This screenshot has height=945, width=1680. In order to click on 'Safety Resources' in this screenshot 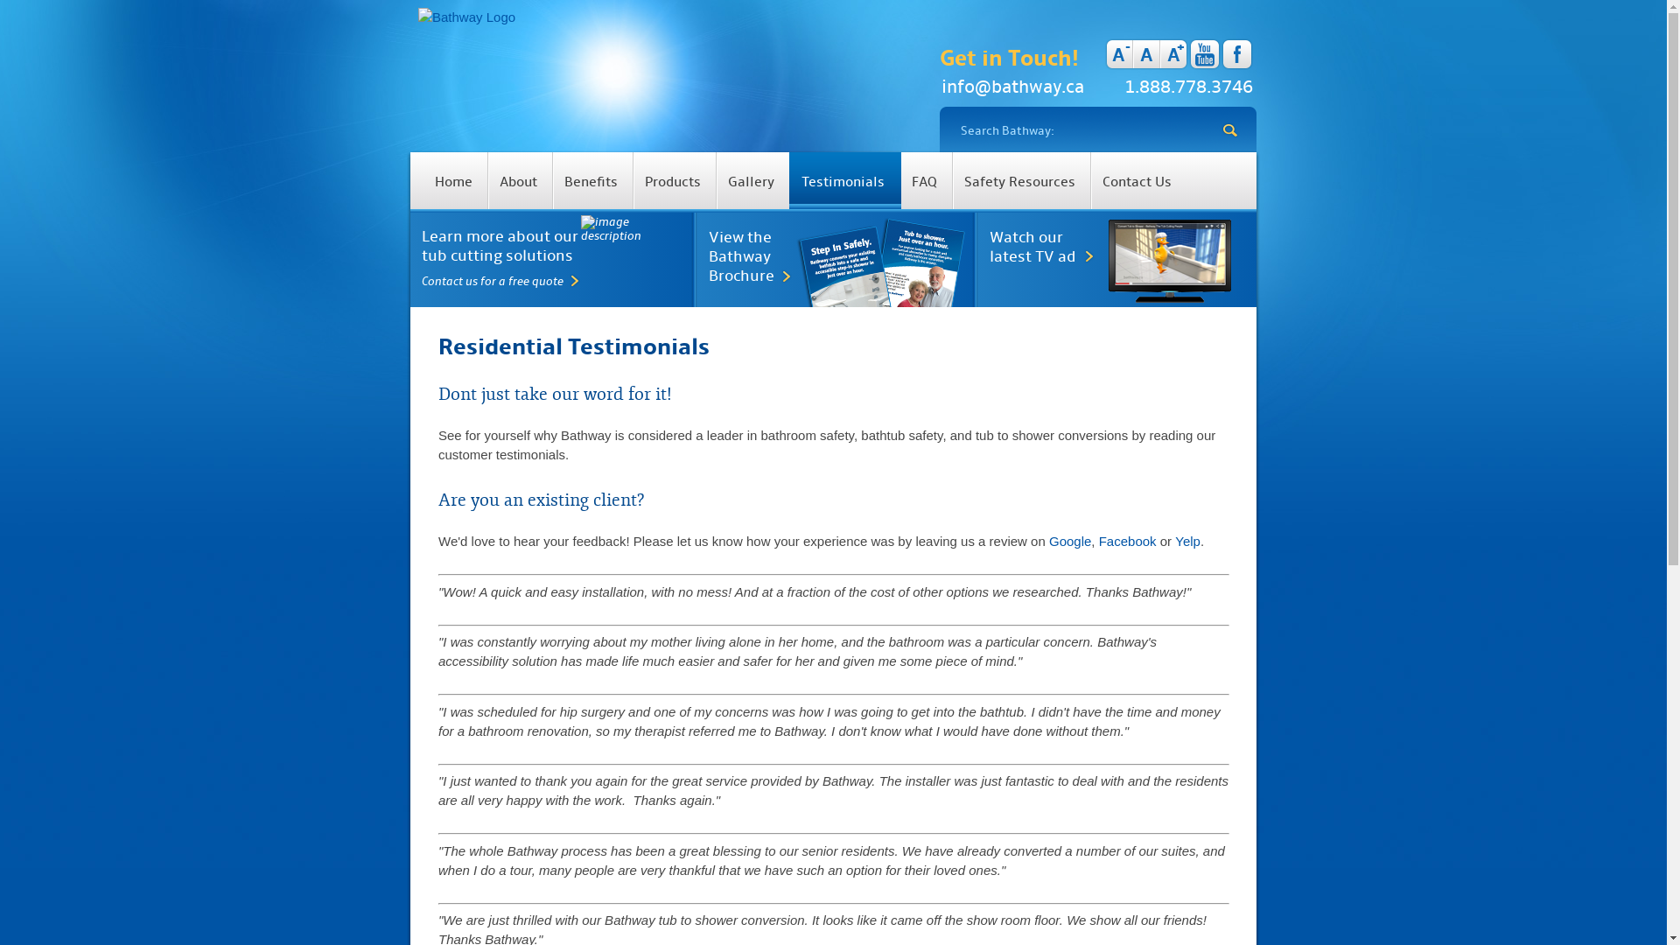, I will do `click(1020, 180)`.